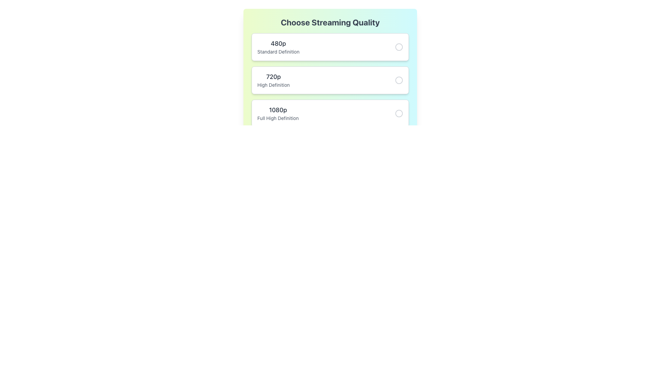 This screenshot has width=651, height=366. I want to click on the radio button indicator located to the right of the text '1080p Full High Definition' in the 'Choose Streaming Quality' section, so click(399, 113).